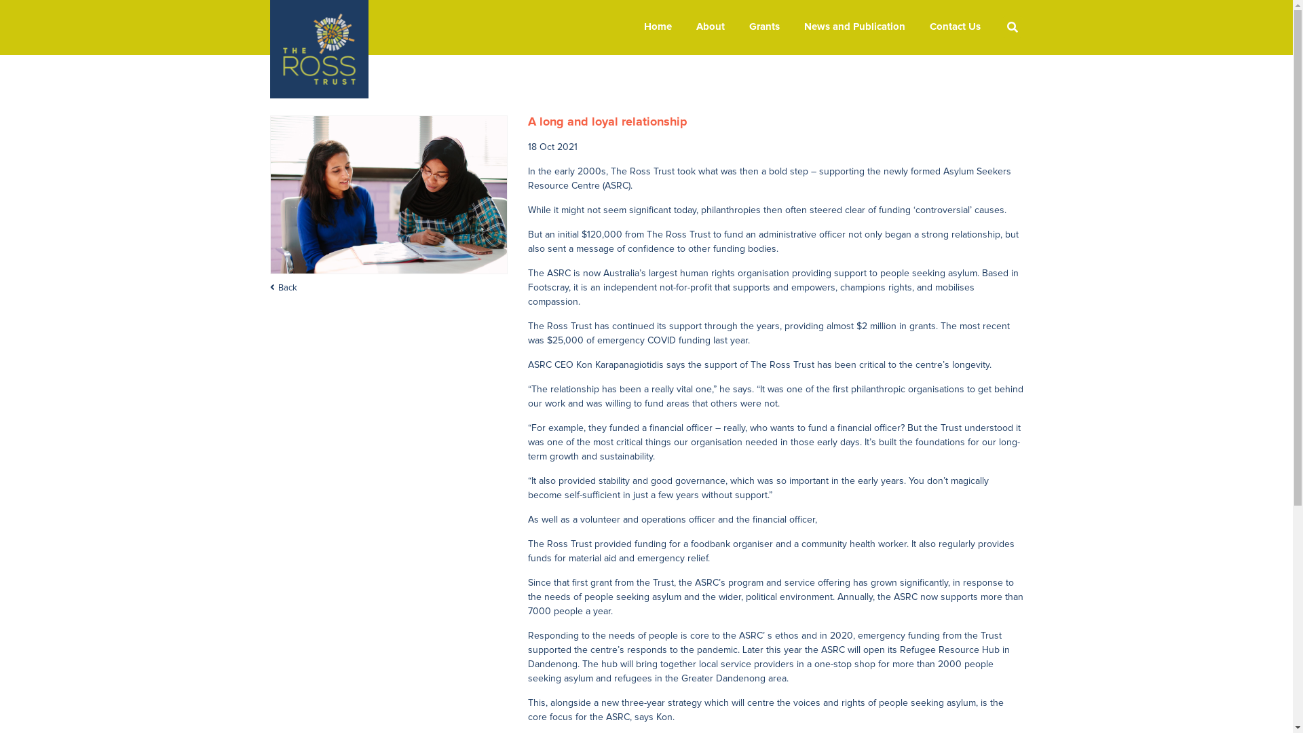  What do you see at coordinates (764, 27) in the screenshot?
I see `'Grants'` at bounding box center [764, 27].